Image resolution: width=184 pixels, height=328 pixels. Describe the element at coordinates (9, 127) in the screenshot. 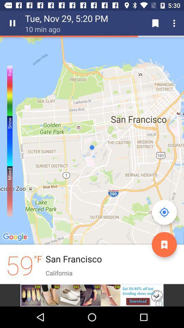

I see `the left corner scale` at that location.